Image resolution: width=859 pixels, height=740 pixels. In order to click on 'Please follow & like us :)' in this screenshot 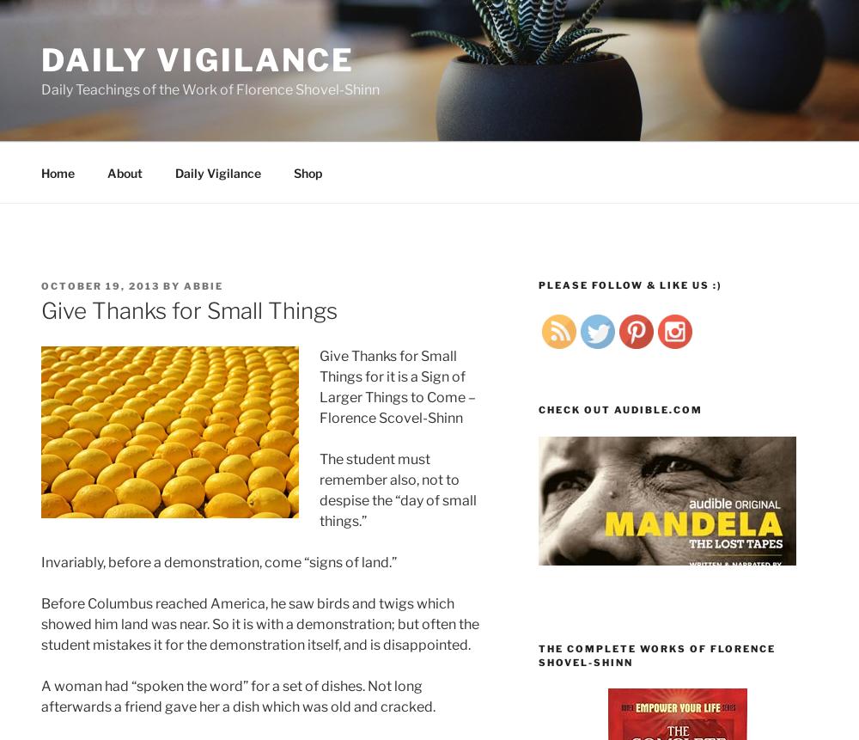, I will do `click(629, 284)`.